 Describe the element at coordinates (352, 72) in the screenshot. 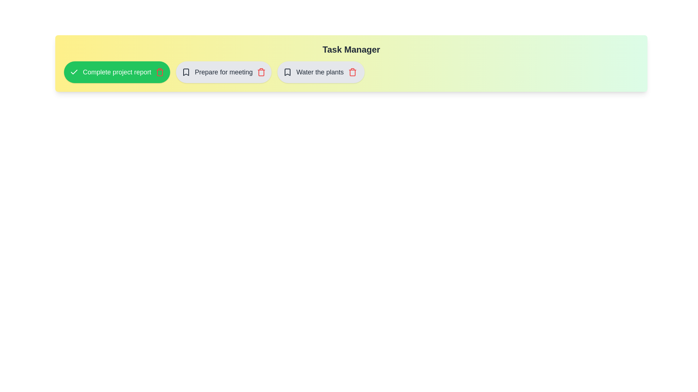

I see `the trash icon to delete the task 'Water the plants'` at that location.